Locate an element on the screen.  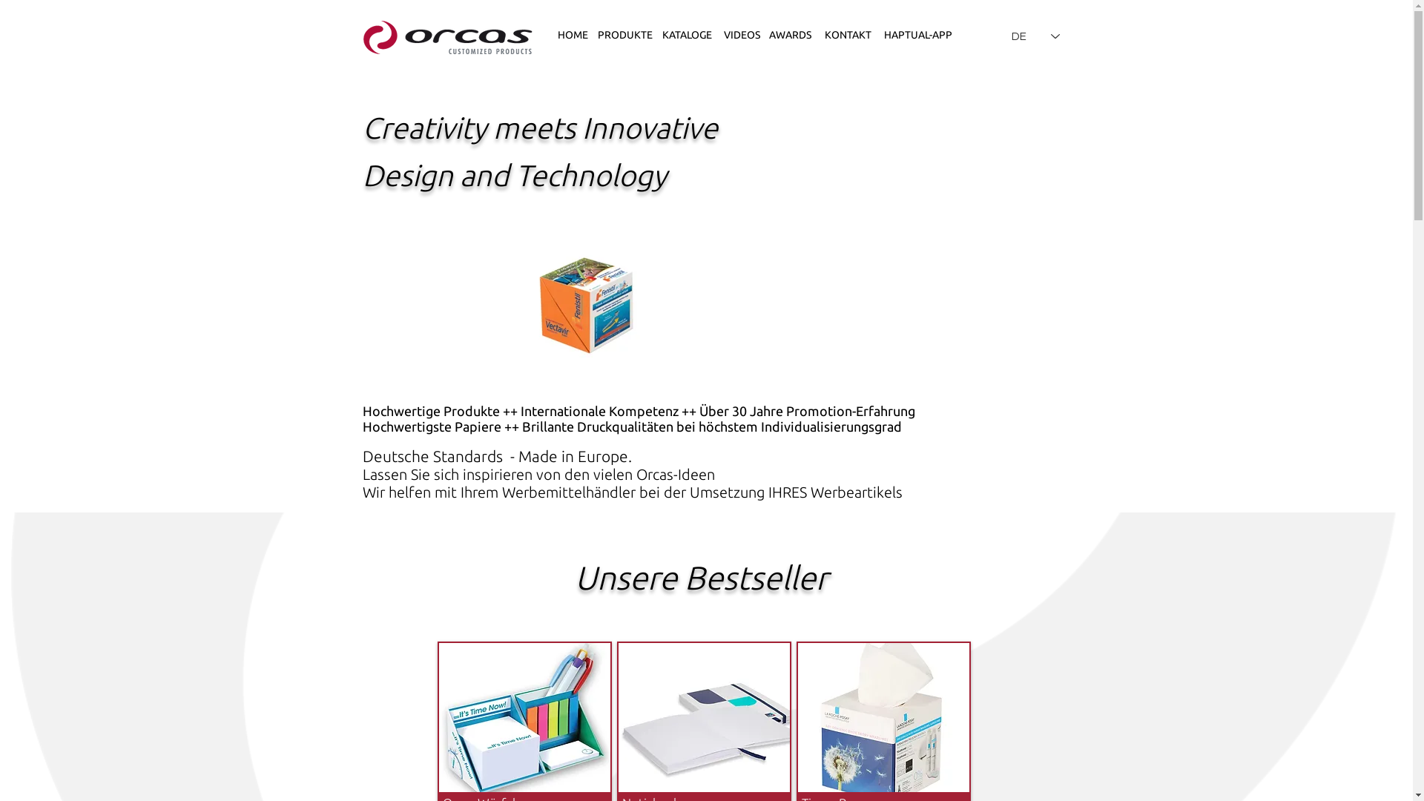
'HAPTUAL-APP' is located at coordinates (917, 34).